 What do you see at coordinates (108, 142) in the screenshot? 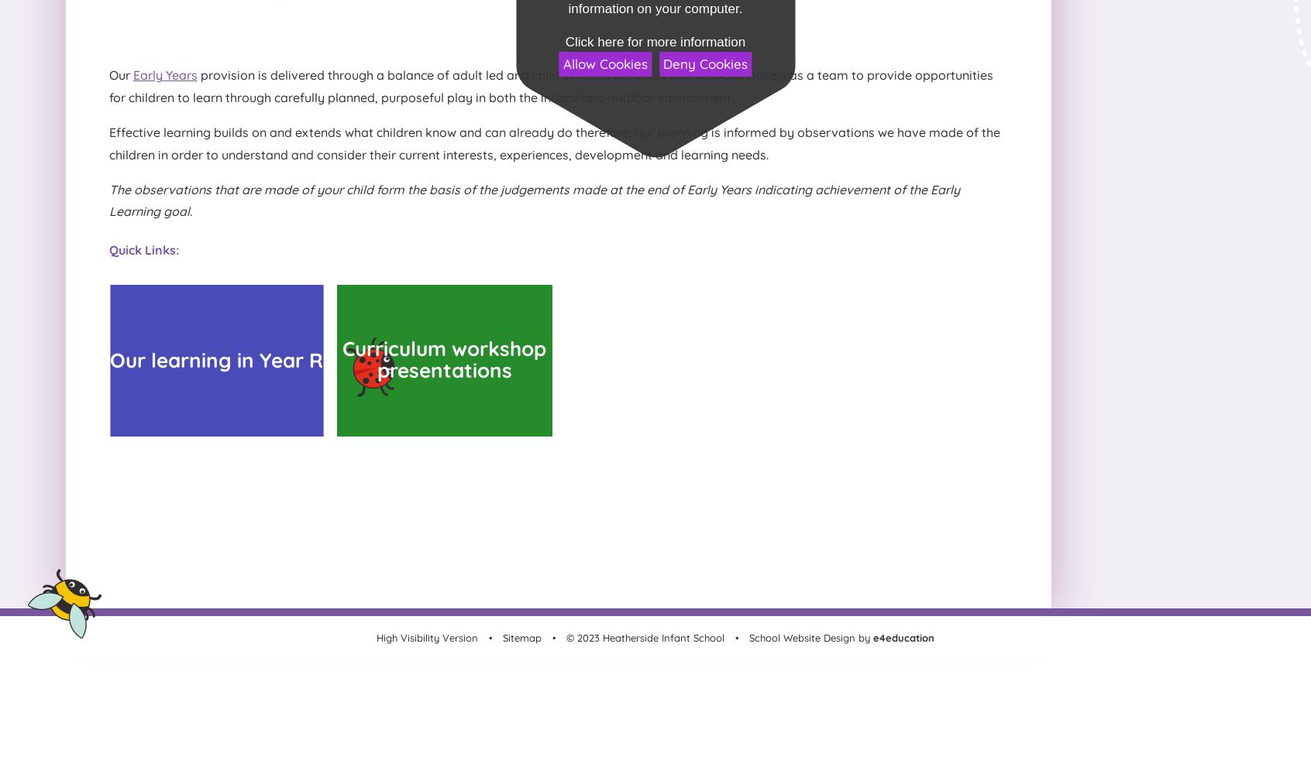
I see `'Effective learning builds on and extends what children know and can already do therefore, our planning is informed by observations we have made of the children in order to understand and consider their current interests, experiences, development and learning needs.'` at bounding box center [108, 142].